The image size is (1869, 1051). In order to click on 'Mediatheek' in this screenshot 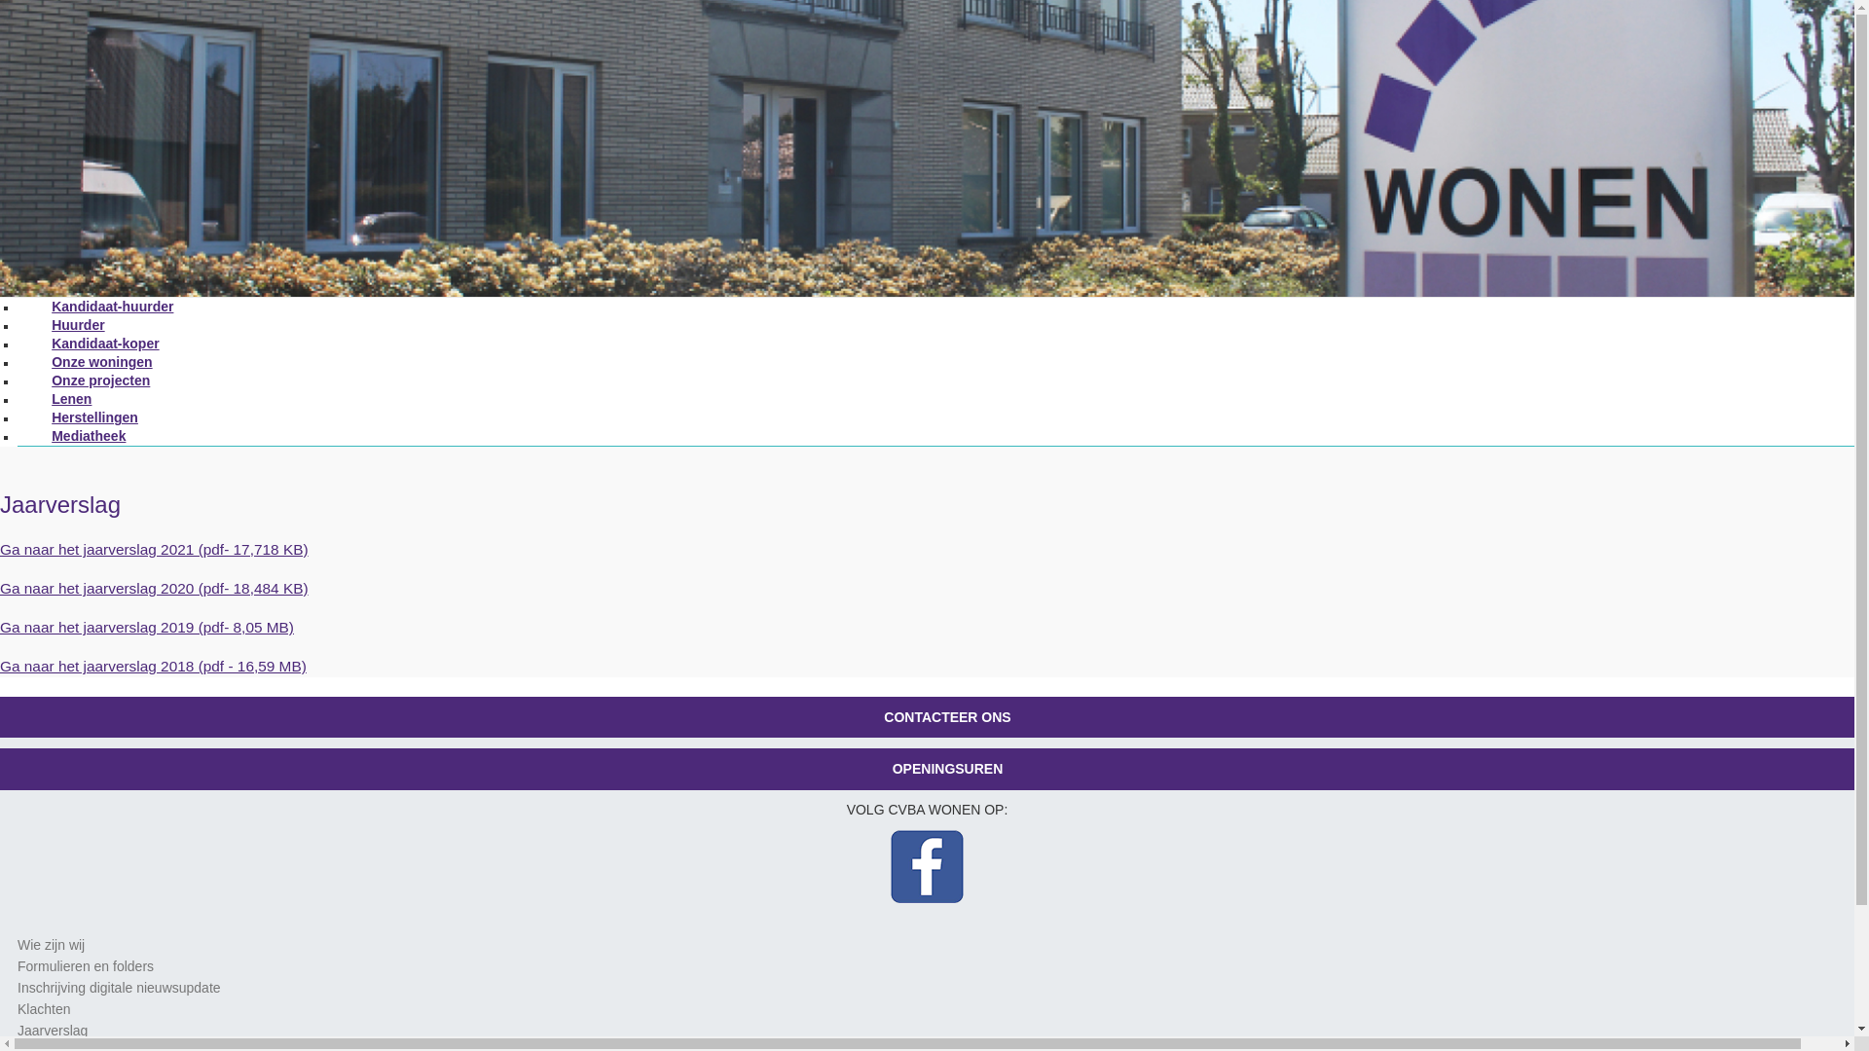, I will do `click(88, 436)`.